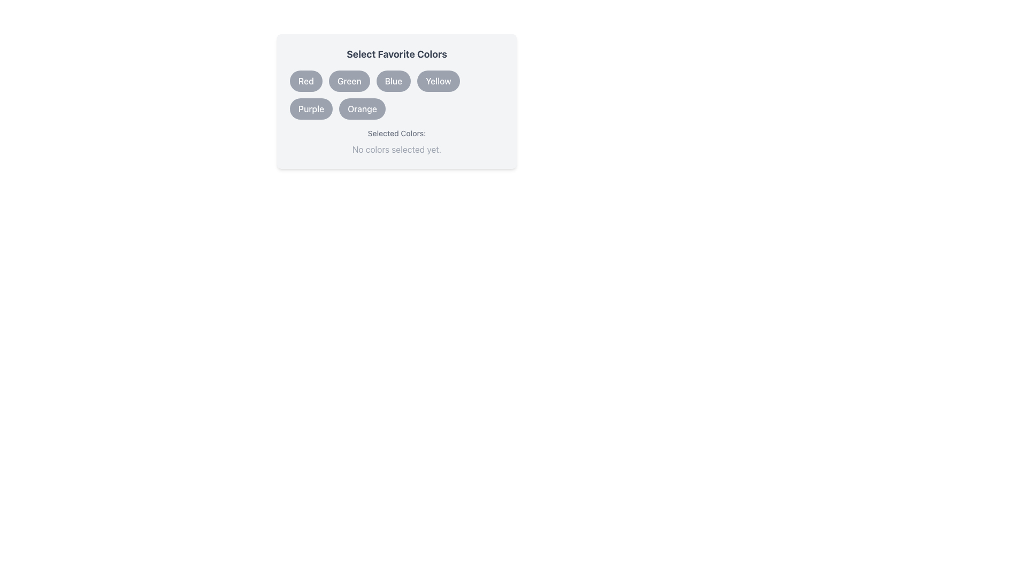 The image size is (1027, 577). Describe the element at coordinates (362, 109) in the screenshot. I see `the 'Orange' color selection button located in the second row of the 'Select Favorite Colors' section` at that location.